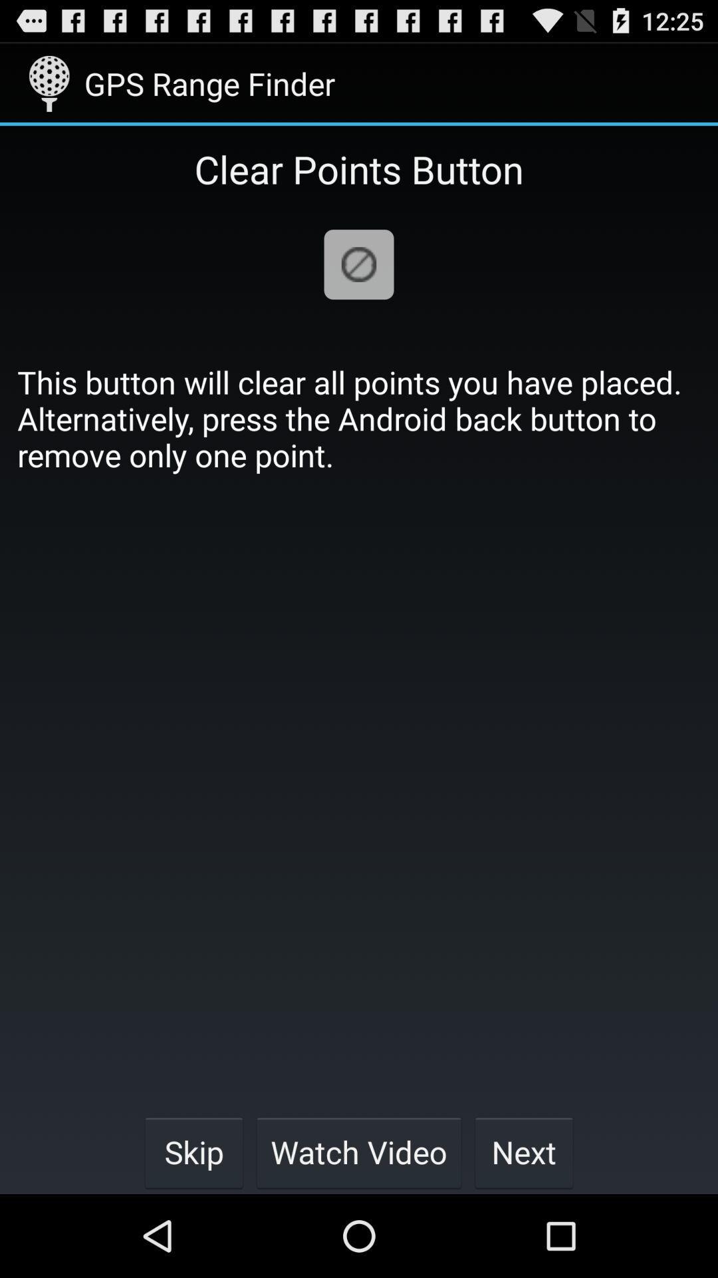  What do you see at coordinates (523, 1152) in the screenshot?
I see `item below the this button will icon` at bounding box center [523, 1152].